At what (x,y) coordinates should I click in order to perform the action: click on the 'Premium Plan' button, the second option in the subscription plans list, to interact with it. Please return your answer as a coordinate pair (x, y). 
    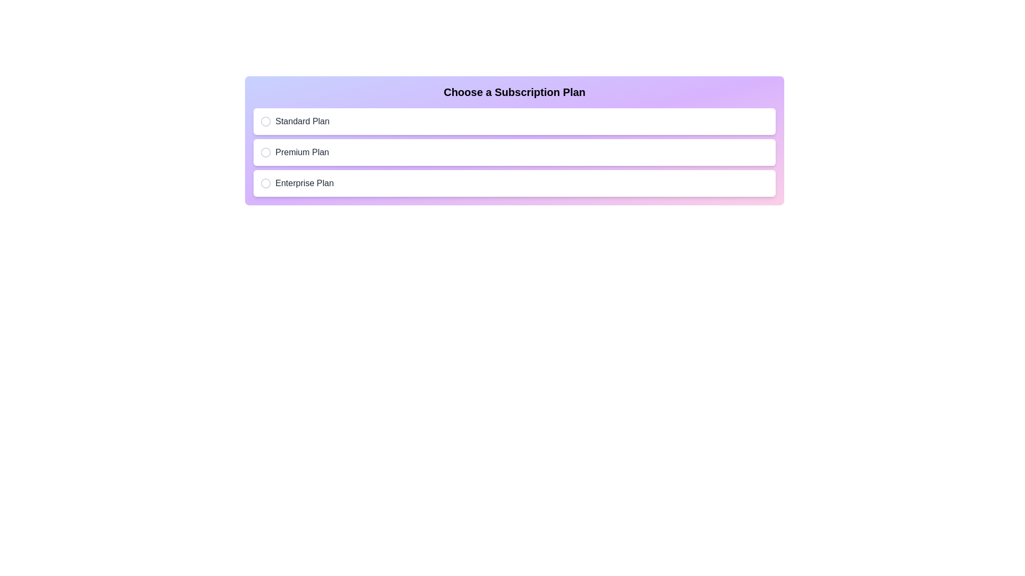
    Looking at the image, I should click on (515, 152).